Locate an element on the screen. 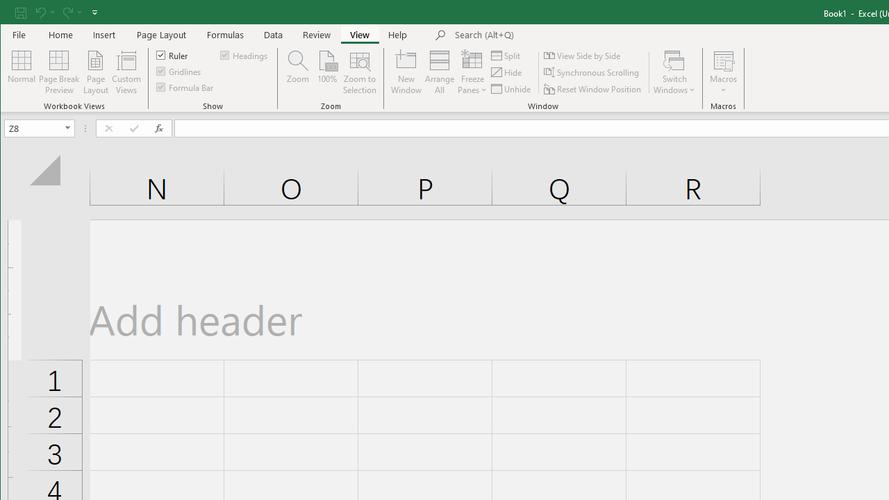 The width and height of the screenshot is (889, 500). 'Split' is located at coordinates (506, 55).